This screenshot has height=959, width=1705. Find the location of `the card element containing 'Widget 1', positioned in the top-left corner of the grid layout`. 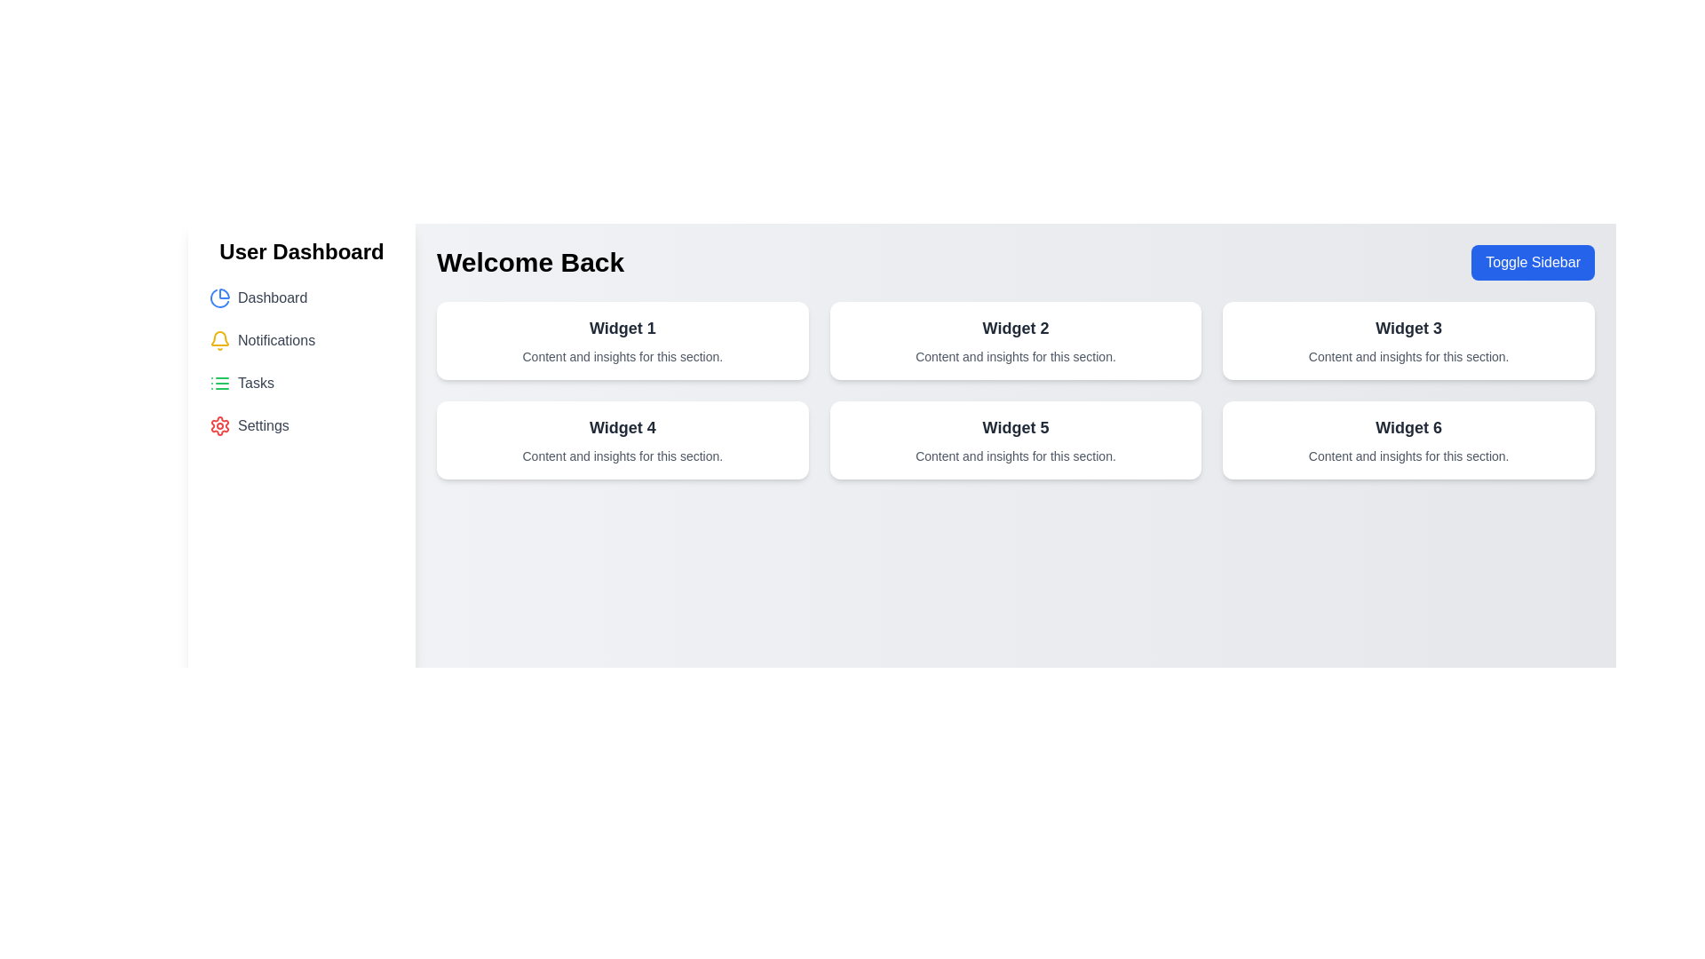

the card element containing 'Widget 1', positioned in the top-left corner of the grid layout is located at coordinates (623, 341).